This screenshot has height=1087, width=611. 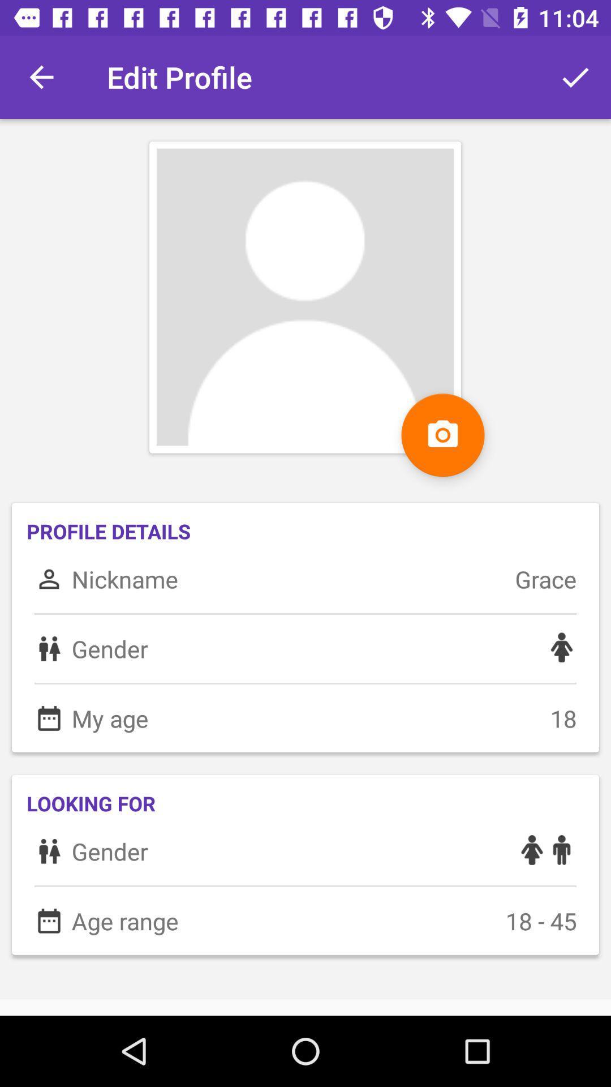 I want to click on icon next to edit profile, so click(x=575, y=76).